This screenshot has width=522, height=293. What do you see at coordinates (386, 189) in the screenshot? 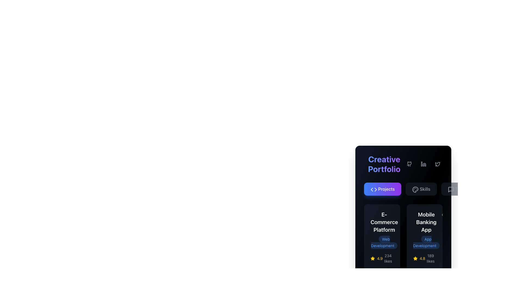
I see `the text label 'Projects' within the button` at bounding box center [386, 189].